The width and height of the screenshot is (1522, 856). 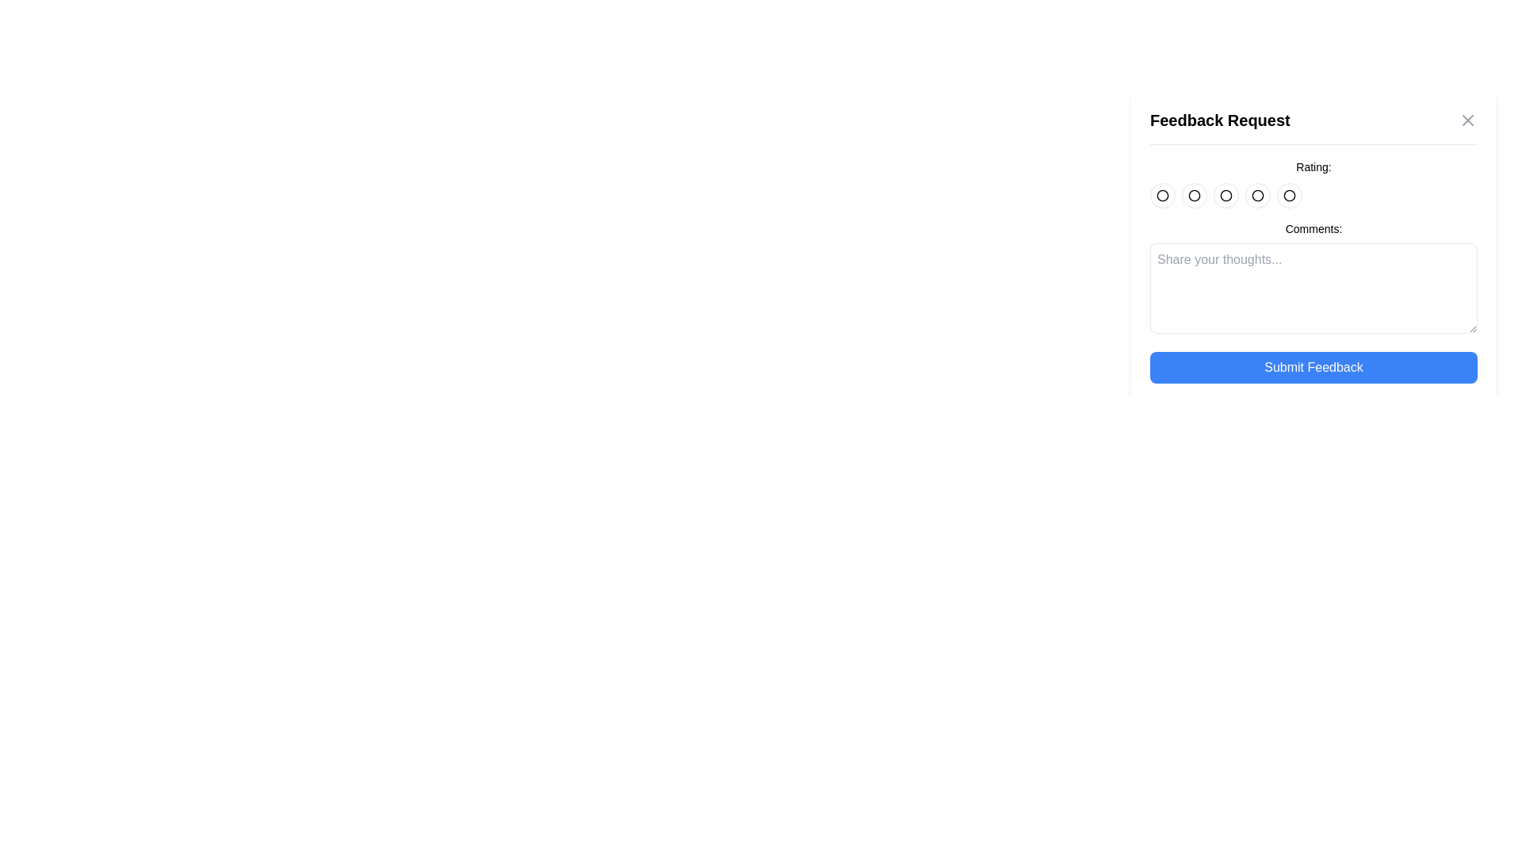 I want to click on the fifth circular interactive button in the 'Rating' section below the 'Feedback Request' text, so click(x=1290, y=194).